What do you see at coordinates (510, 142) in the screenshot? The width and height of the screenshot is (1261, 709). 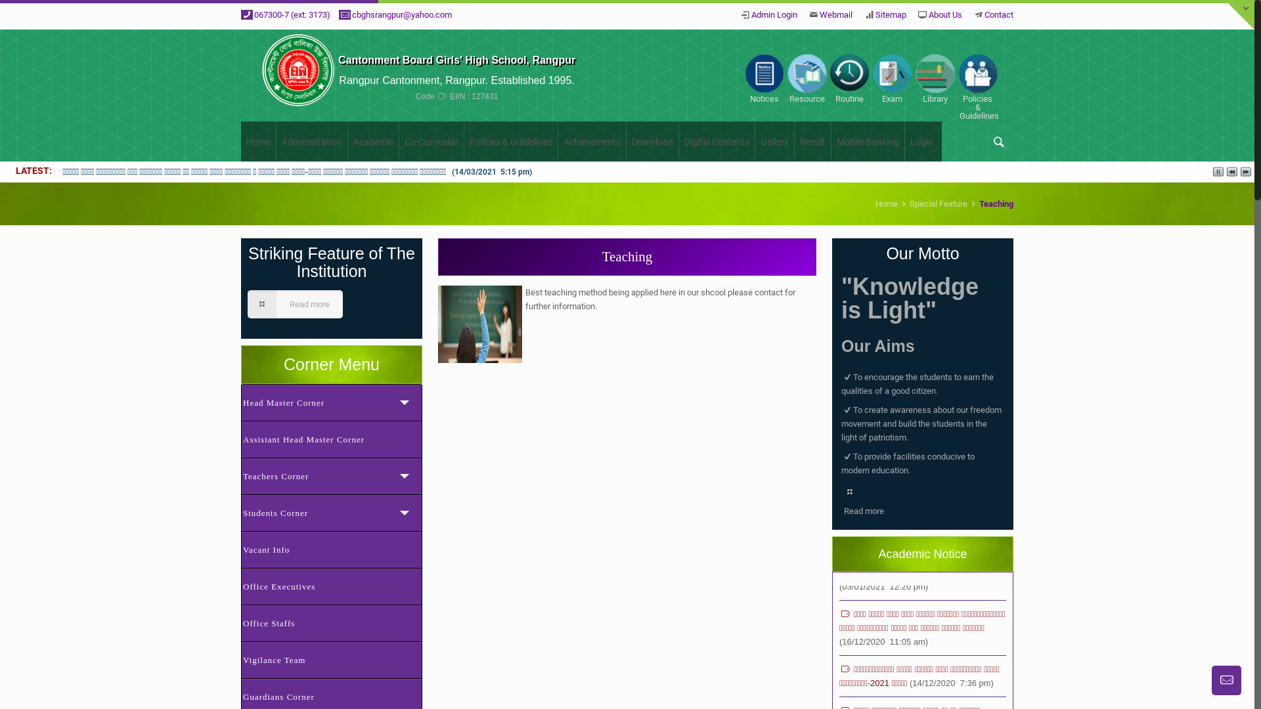 I see `'Policies & Guidelines'` at bounding box center [510, 142].